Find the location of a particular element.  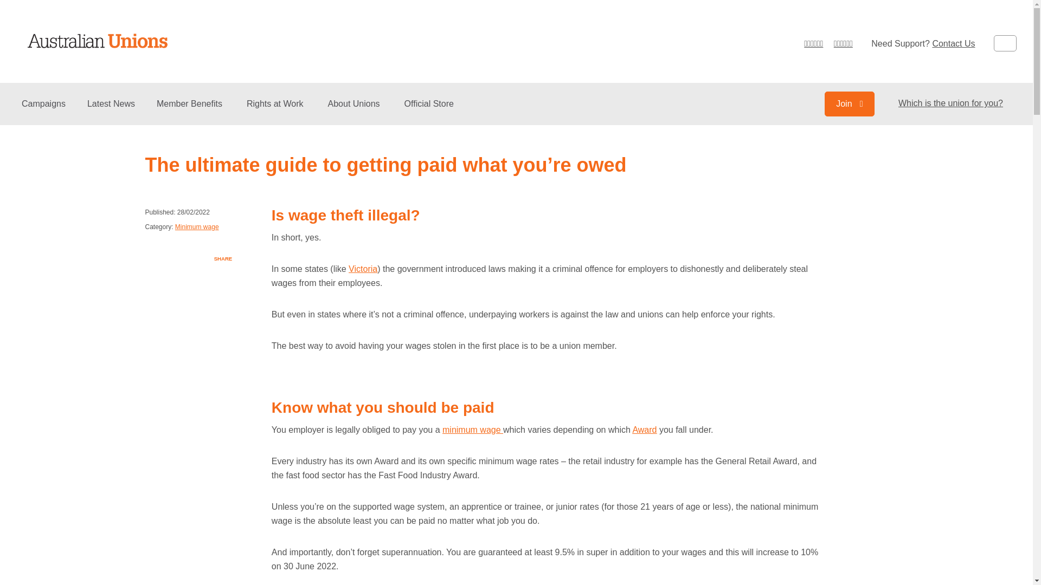

'Official Store' is located at coordinates (428, 112).